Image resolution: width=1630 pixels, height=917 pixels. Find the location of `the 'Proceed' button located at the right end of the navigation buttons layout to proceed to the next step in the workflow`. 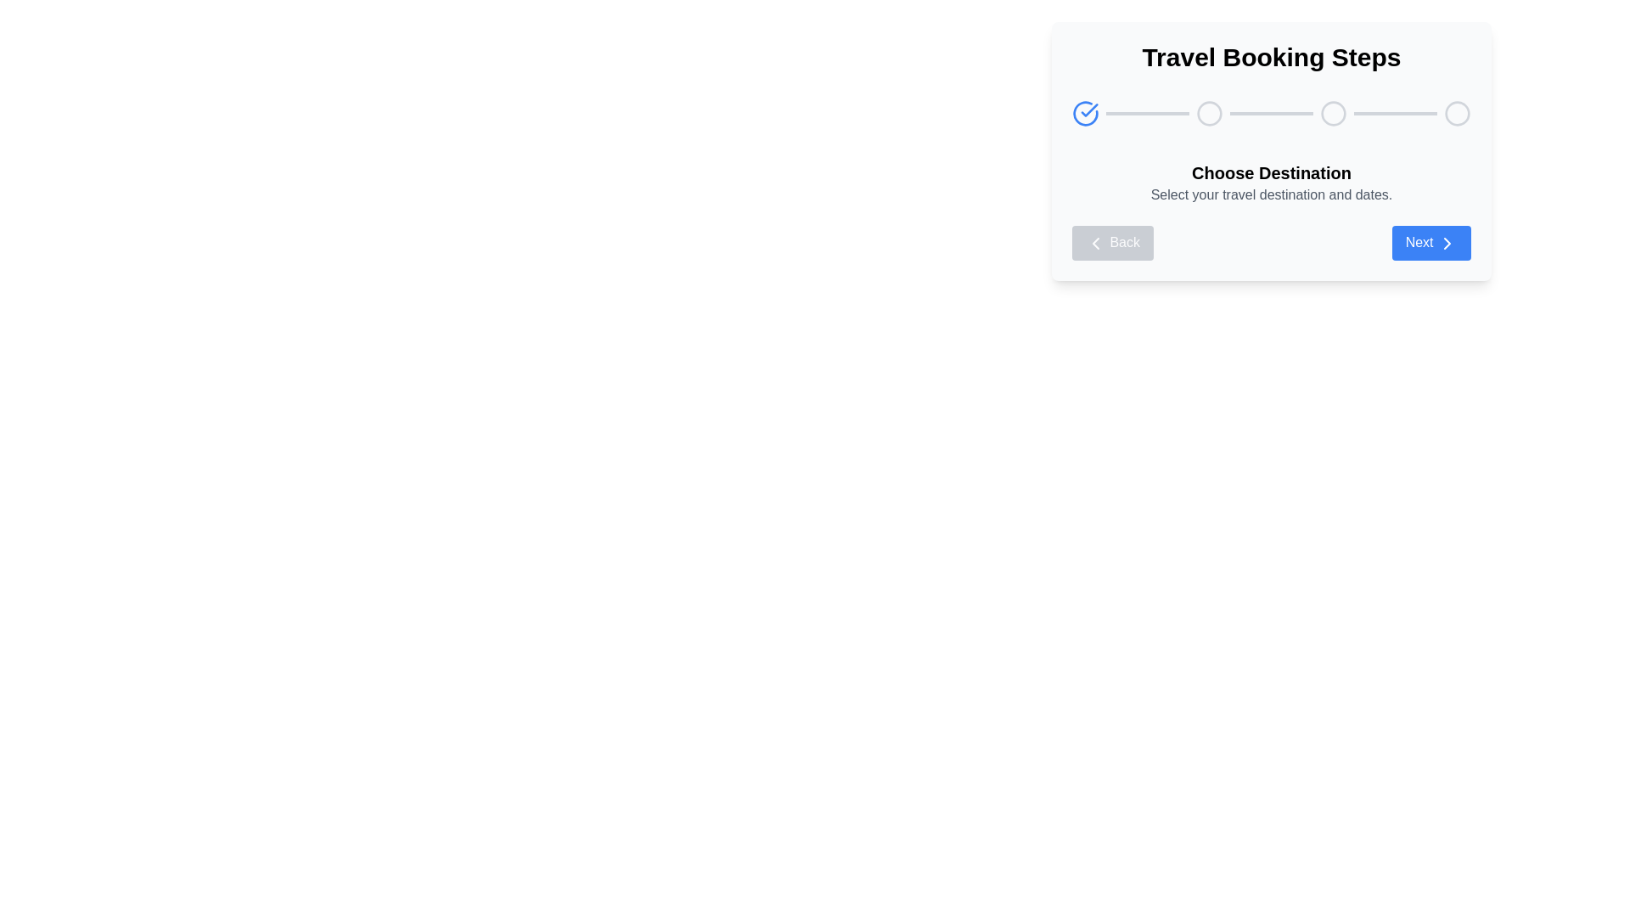

the 'Proceed' button located at the right end of the navigation buttons layout to proceed to the next step in the workflow is located at coordinates (1430, 243).